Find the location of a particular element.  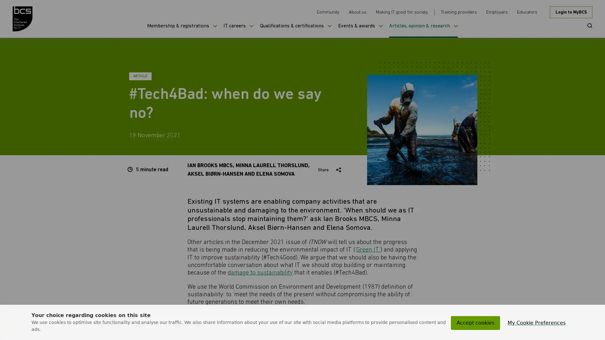

My Cookie Preferences is located at coordinates (536, 323).